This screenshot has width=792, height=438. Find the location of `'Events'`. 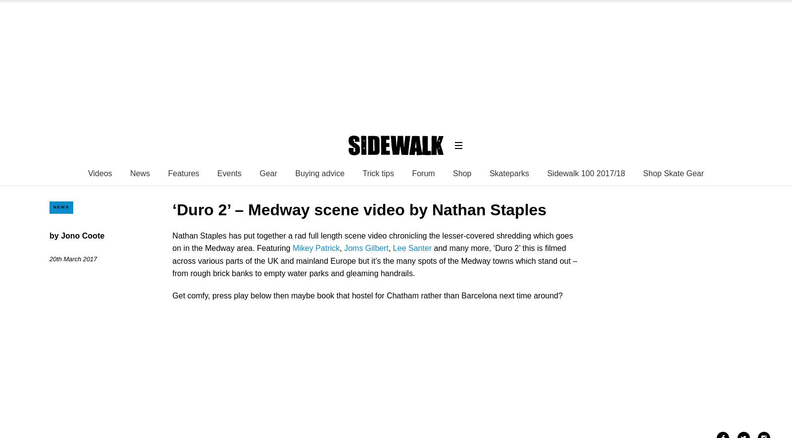

'Events' is located at coordinates (229, 173).